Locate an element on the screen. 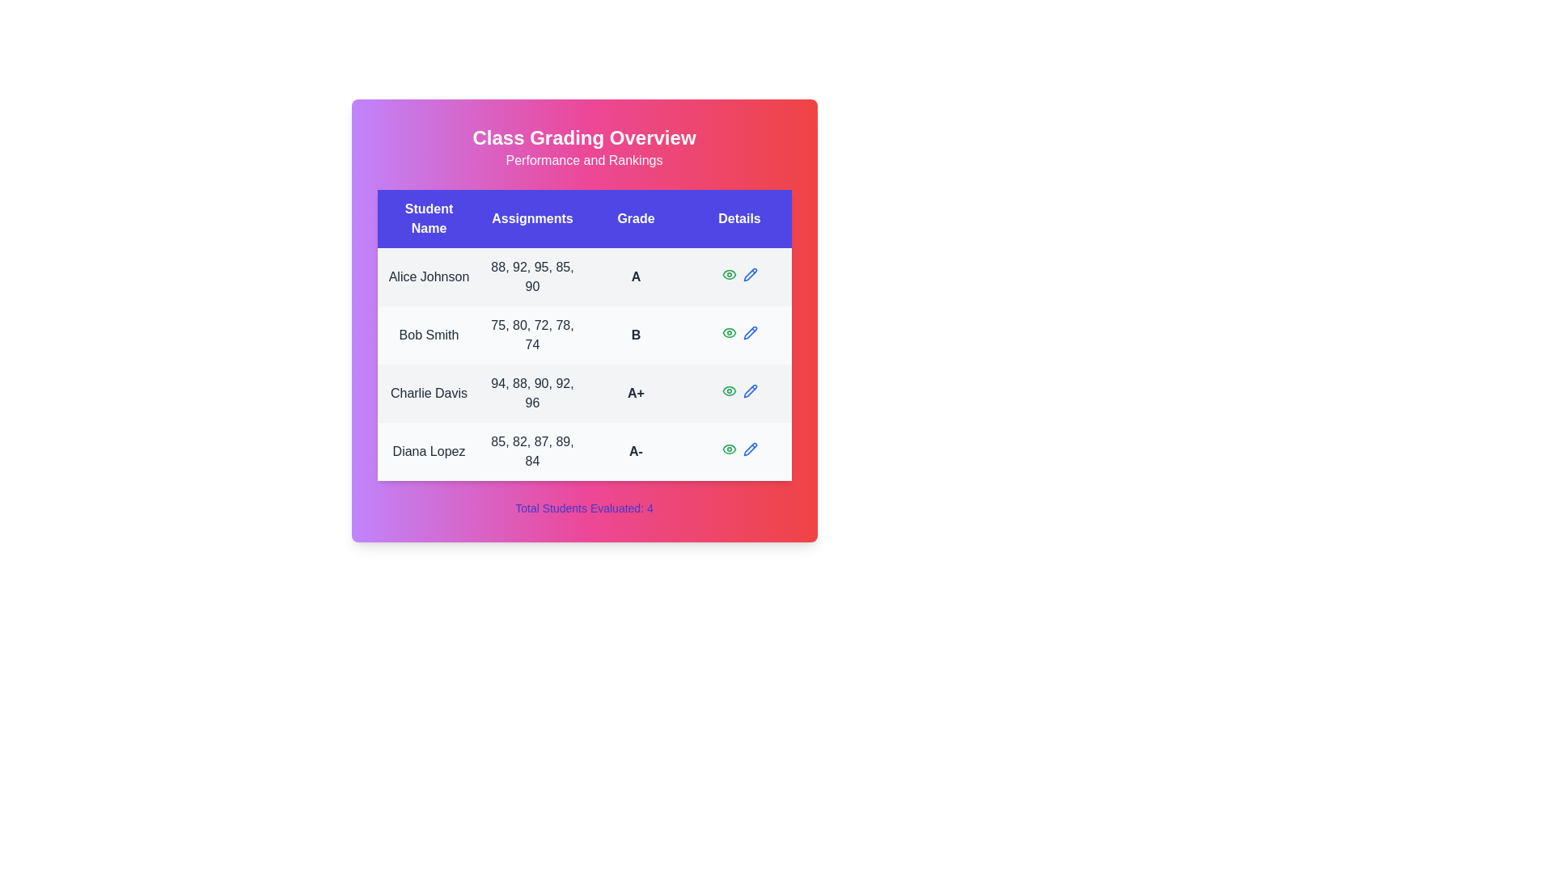 The height and width of the screenshot is (873, 1553). eye icon for the student Diana Lopez to view detailed information is located at coordinates (728, 449).